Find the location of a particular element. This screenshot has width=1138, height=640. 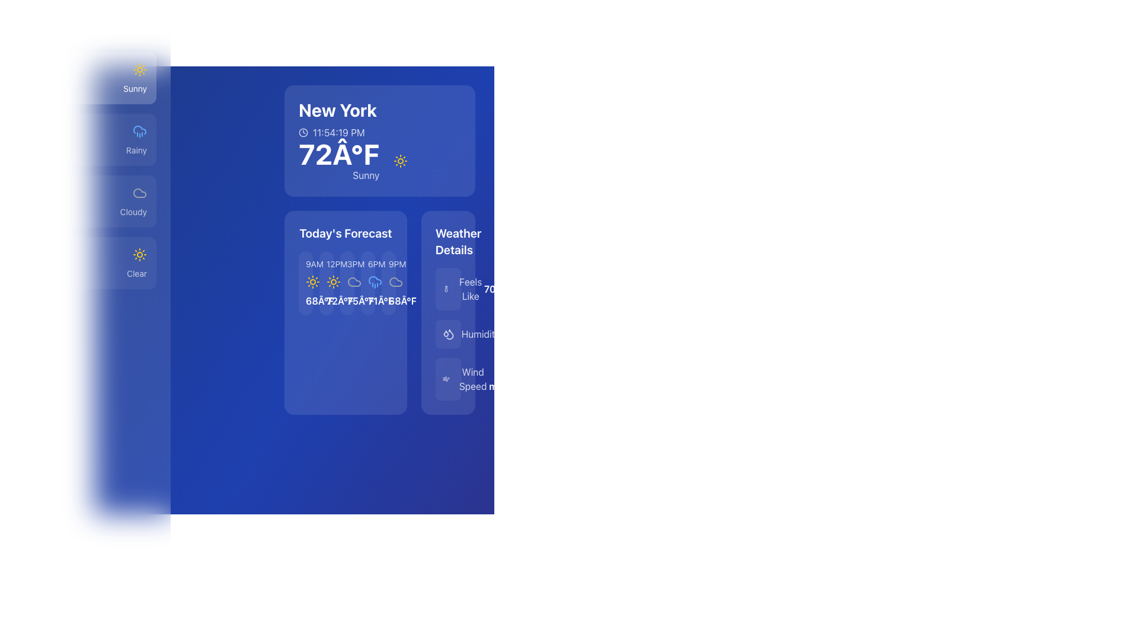

Text Label indicating wind speed data, located at the bottom of the 'Weather Details' section, which is the last element in its group is located at coordinates (472, 379).